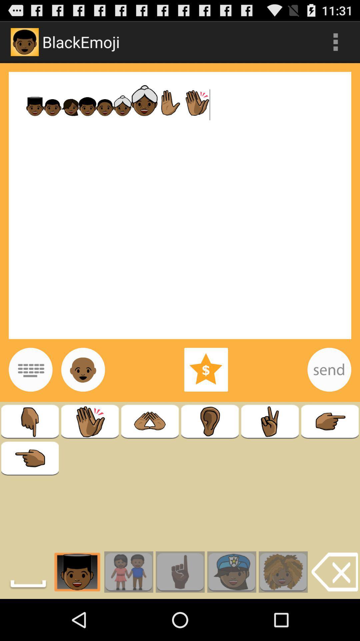 This screenshot has height=641, width=360. What do you see at coordinates (83, 369) in the screenshot?
I see `image option` at bounding box center [83, 369].